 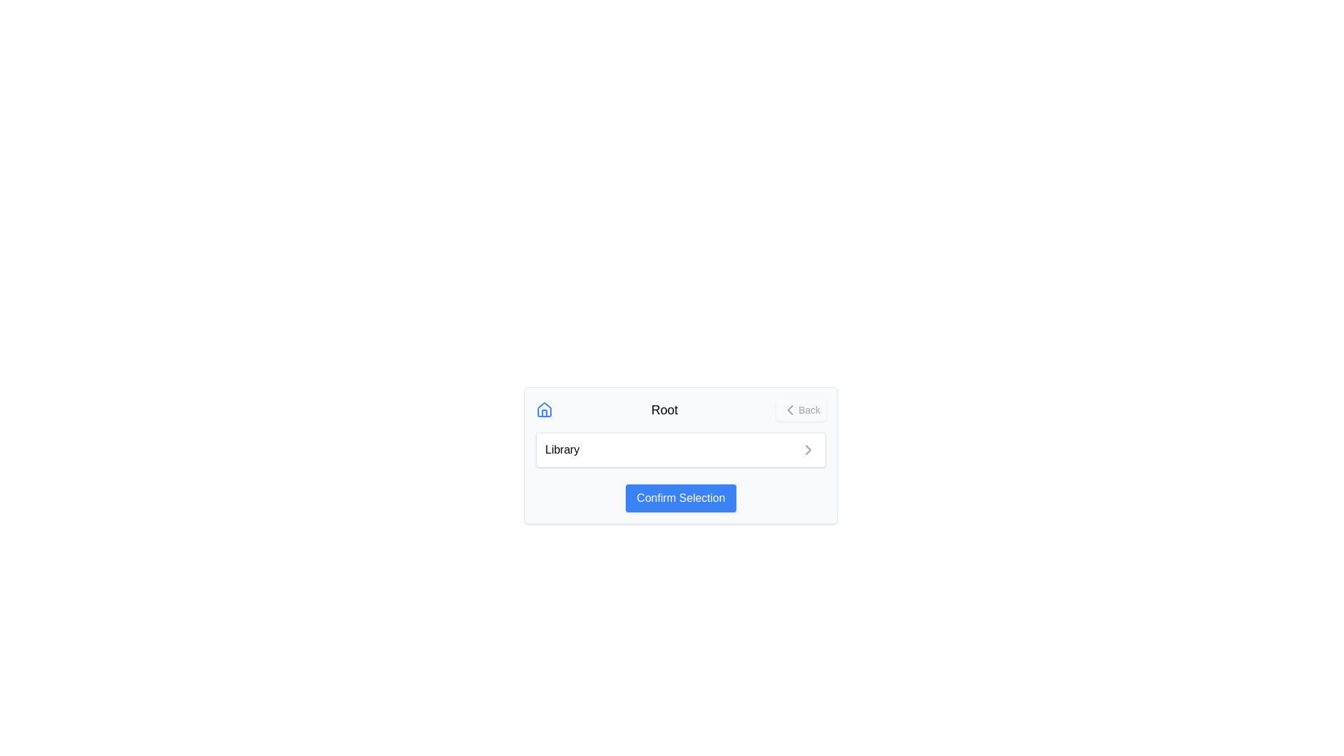 What do you see at coordinates (681, 498) in the screenshot?
I see `the blue 'Confirm Selection' button located at the bottom center of the 'Root' dialog box to confirm the selection` at bounding box center [681, 498].